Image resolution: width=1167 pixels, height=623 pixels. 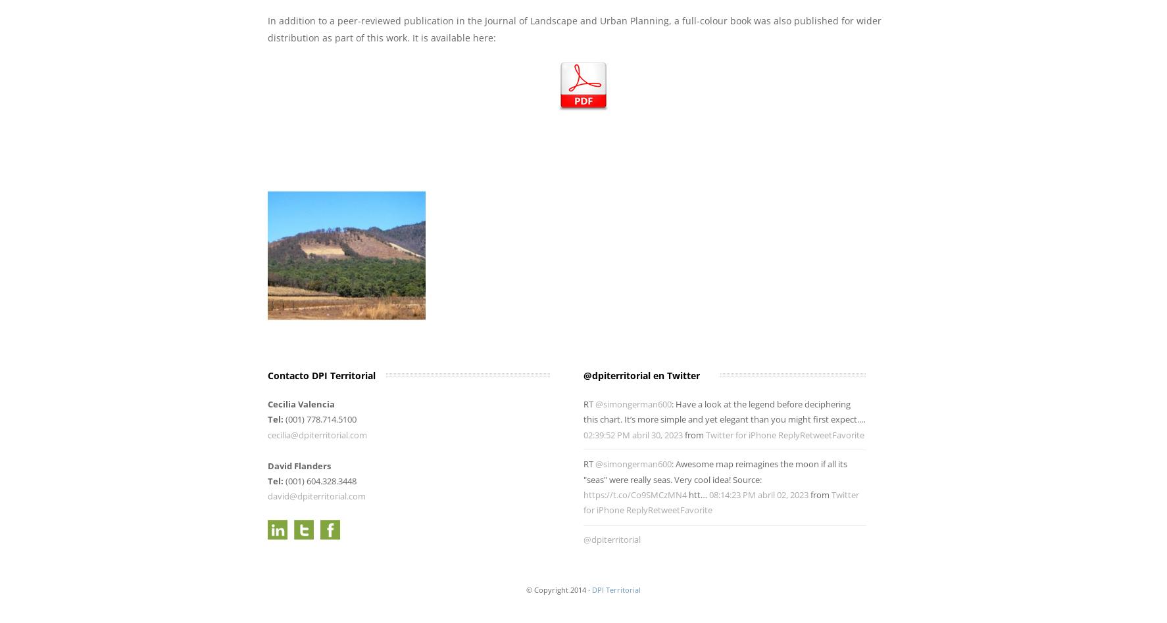 I want to click on '(001) 778.714.5100', so click(x=320, y=419).